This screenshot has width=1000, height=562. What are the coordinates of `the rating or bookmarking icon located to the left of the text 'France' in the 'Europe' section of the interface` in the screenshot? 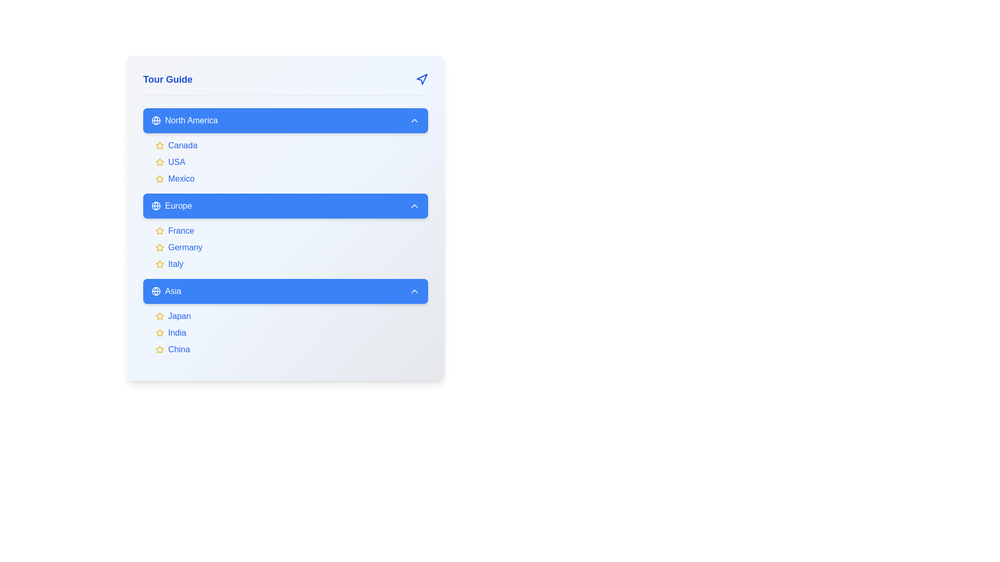 It's located at (159, 230).